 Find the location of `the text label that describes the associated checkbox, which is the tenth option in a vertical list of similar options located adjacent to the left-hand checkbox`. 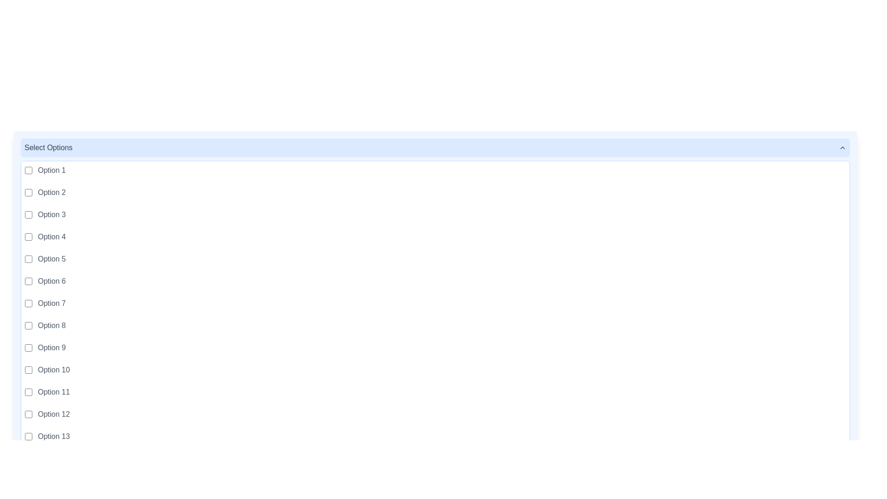

the text label that describes the associated checkbox, which is the tenth option in a vertical list of similar options located adjacent to the left-hand checkbox is located at coordinates (53, 370).